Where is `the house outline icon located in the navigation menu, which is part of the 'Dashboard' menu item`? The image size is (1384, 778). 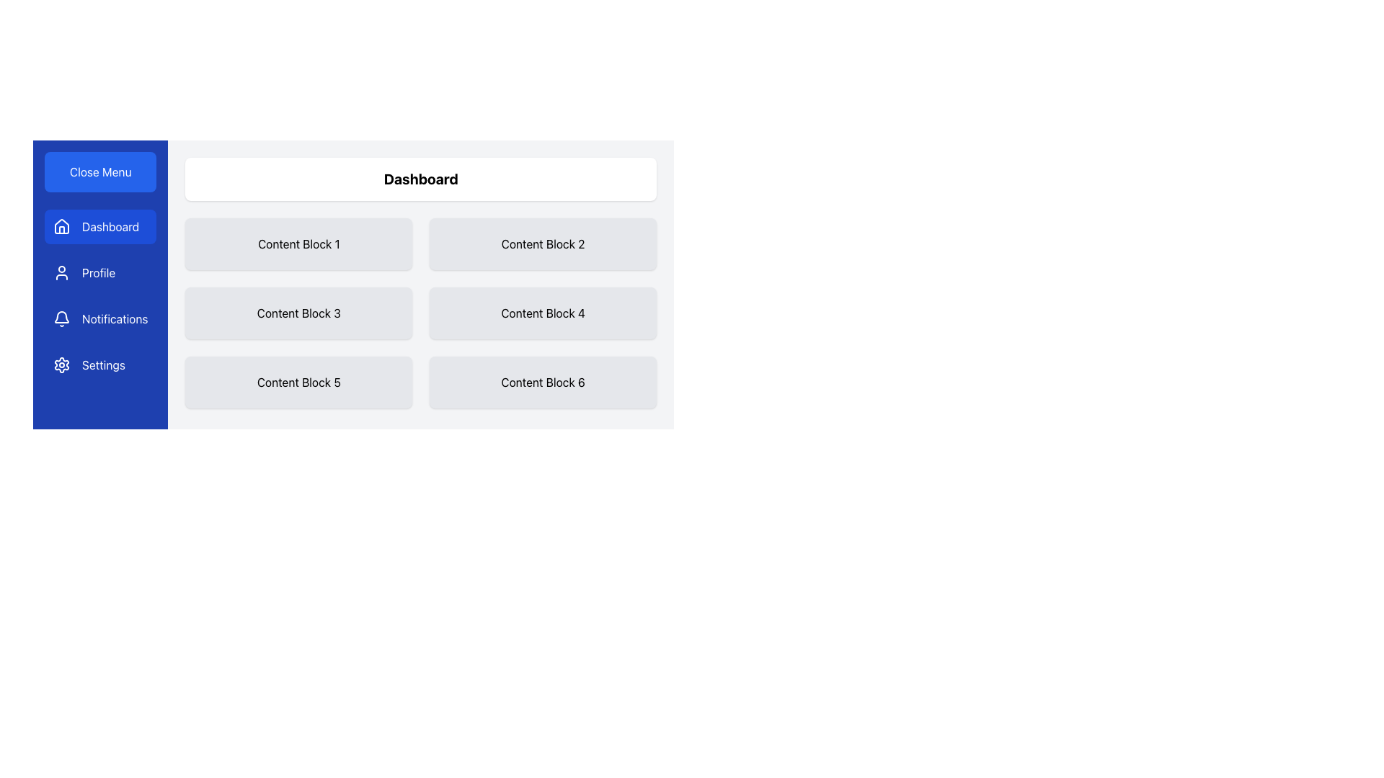
the house outline icon located in the navigation menu, which is part of the 'Dashboard' menu item is located at coordinates (61, 225).